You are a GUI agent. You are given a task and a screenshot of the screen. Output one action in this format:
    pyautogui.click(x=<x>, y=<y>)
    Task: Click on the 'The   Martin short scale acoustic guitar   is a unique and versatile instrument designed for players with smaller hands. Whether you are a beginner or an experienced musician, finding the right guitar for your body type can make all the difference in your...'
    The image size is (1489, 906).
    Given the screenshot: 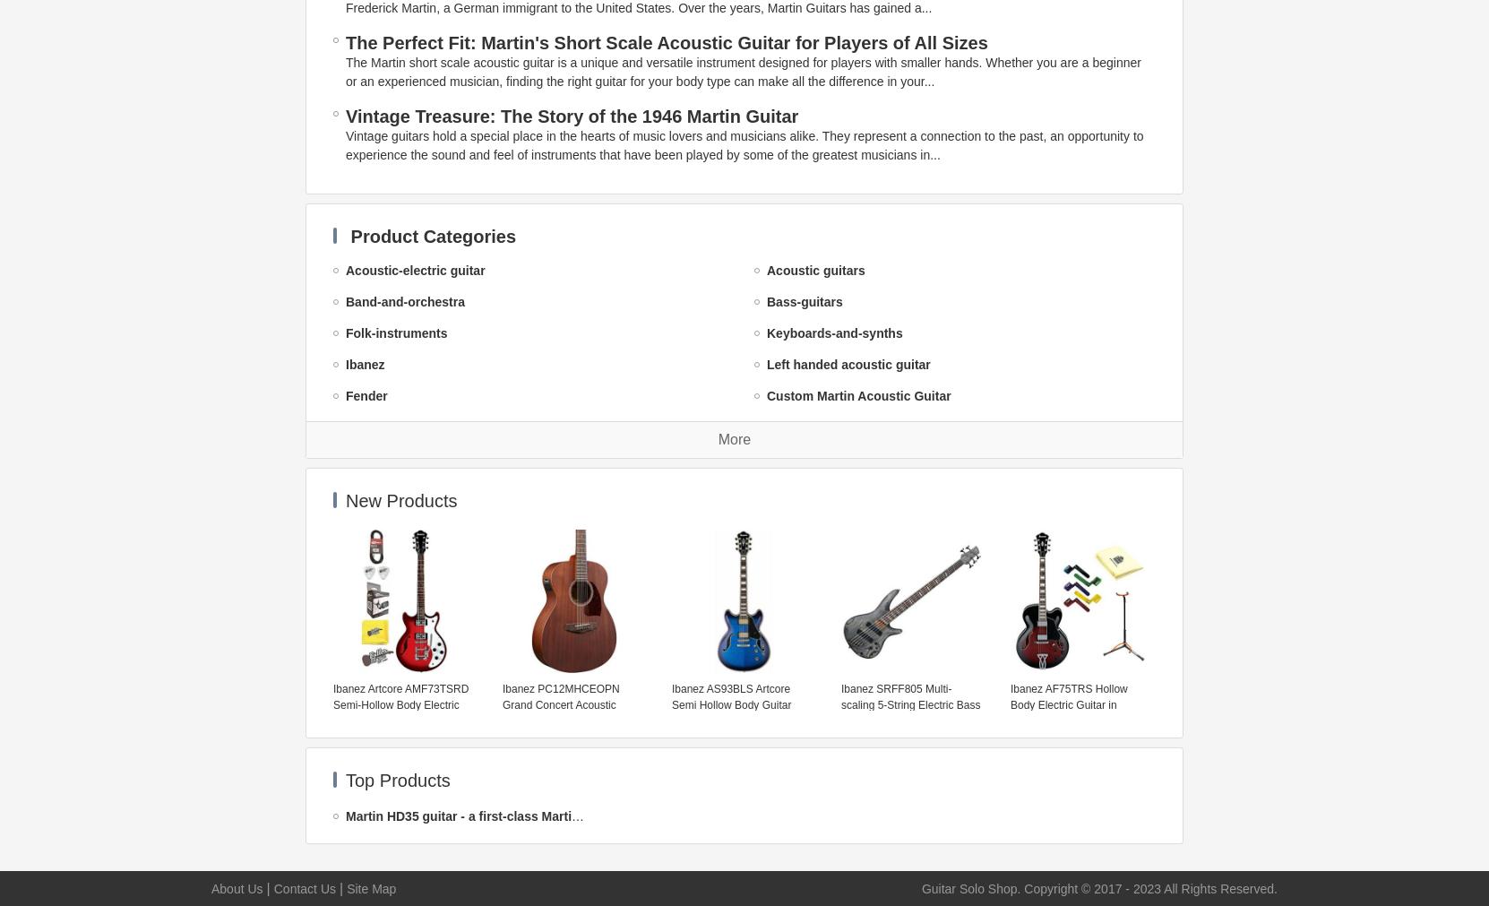 What is the action you would take?
    pyautogui.click(x=743, y=71)
    